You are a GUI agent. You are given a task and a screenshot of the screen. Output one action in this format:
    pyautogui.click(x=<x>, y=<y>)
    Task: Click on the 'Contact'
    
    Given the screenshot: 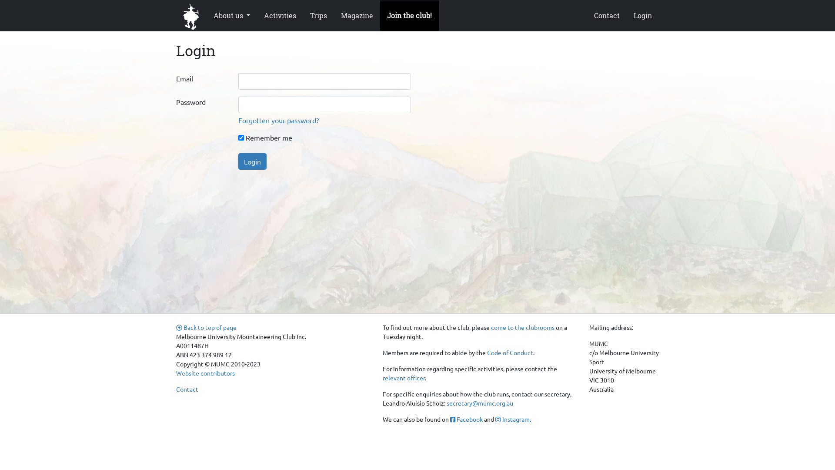 What is the action you would take?
    pyautogui.click(x=606, y=15)
    